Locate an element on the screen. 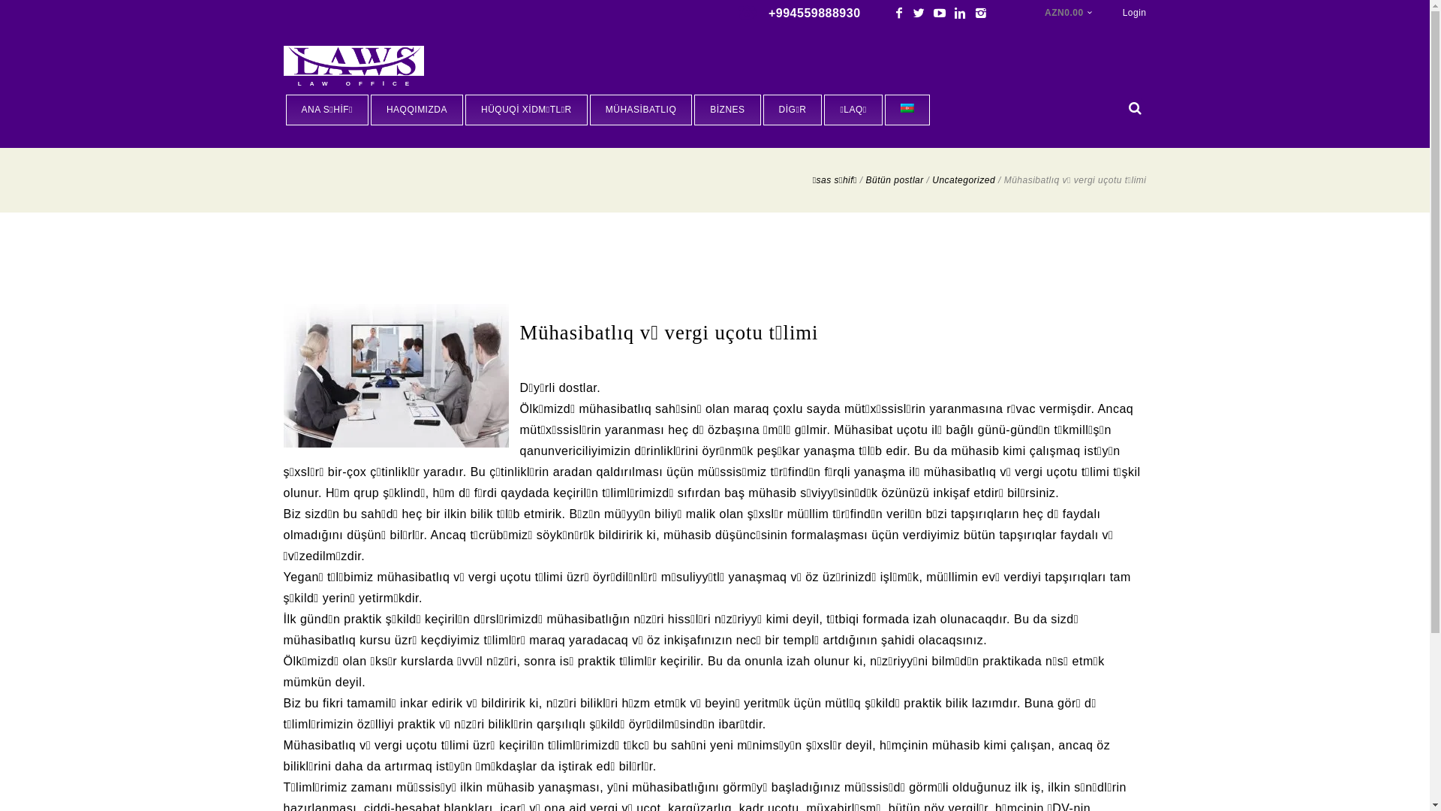  'Uncategorized' is located at coordinates (931, 179).